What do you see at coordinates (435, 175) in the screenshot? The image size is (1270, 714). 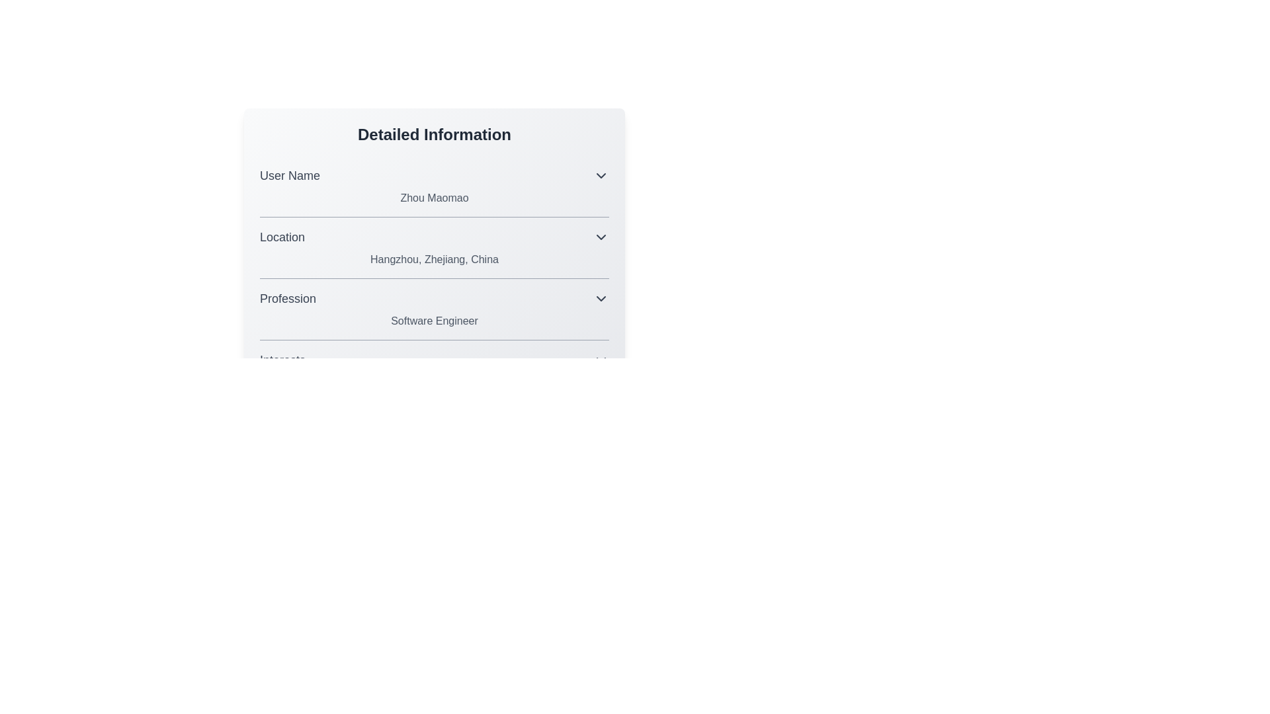 I see `the dropdown menu located in the 'Detailed Information' section, which is the first selectable option above the user's full name 'Zhou Maomao' to activate styling` at bounding box center [435, 175].